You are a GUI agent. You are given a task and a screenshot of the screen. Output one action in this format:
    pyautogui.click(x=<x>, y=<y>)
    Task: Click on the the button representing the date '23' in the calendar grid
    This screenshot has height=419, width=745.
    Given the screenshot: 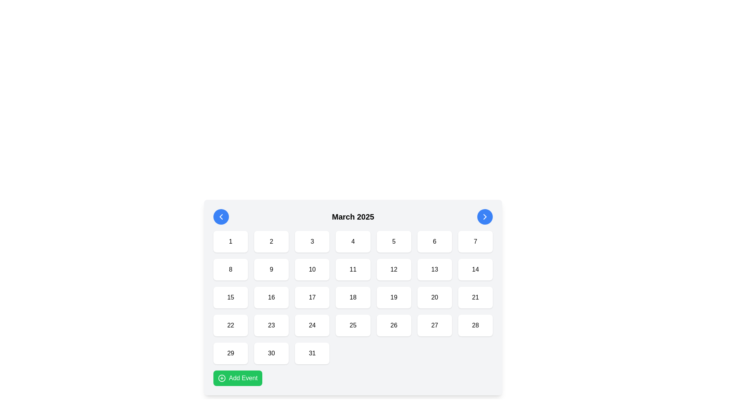 What is the action you would take?
    pyautogui.click(x=271, y=326)
    